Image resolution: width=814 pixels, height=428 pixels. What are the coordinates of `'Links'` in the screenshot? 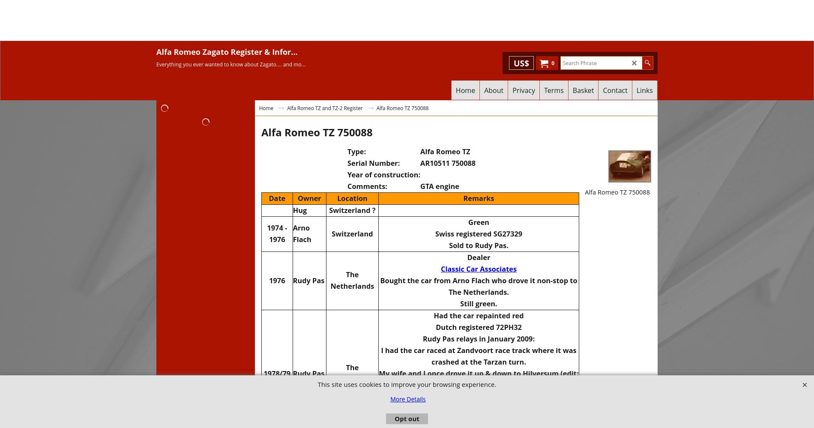 It's located at (644, 89).